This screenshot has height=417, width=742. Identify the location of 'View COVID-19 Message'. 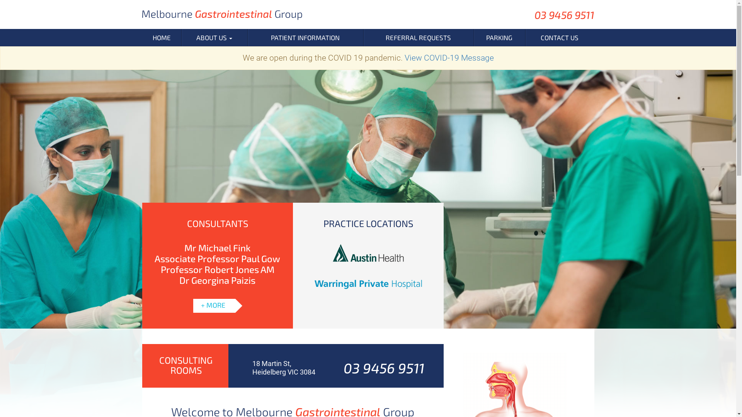
(449, 58).